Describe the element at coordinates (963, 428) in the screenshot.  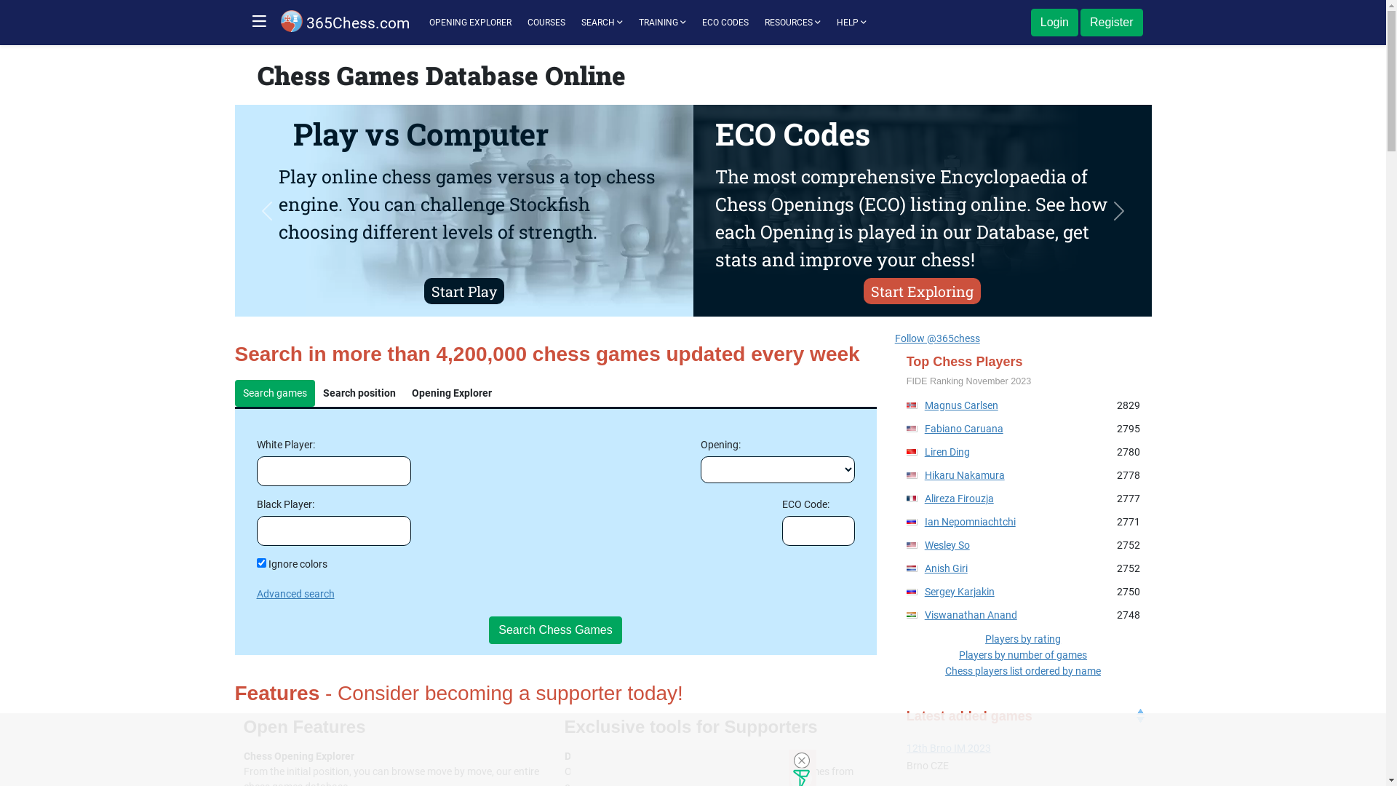
I see `'Fabiano Caruana'` at that location.